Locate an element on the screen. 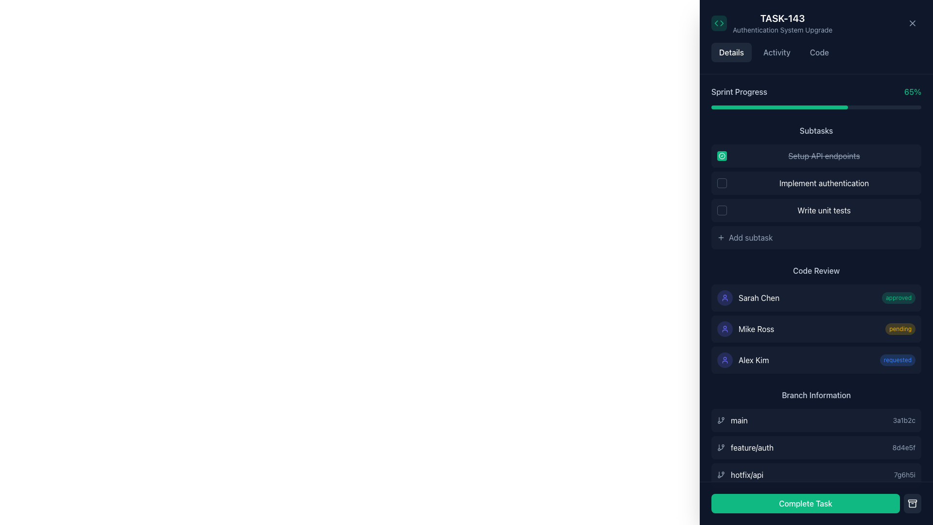 The height and width of the screenshot is (525, 933). the user avatar and text label element displaying 'Sarah Chen' in the 'Code Review' section, which is the first item in a vertical list is located at coordinates (748, 297).